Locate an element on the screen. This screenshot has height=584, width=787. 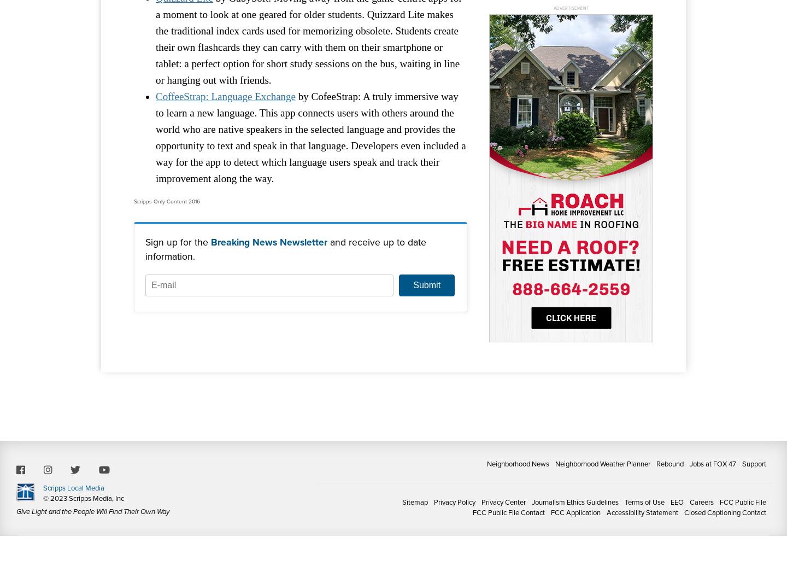
'and receive up to date information.' is located at coordinates (285, 248).